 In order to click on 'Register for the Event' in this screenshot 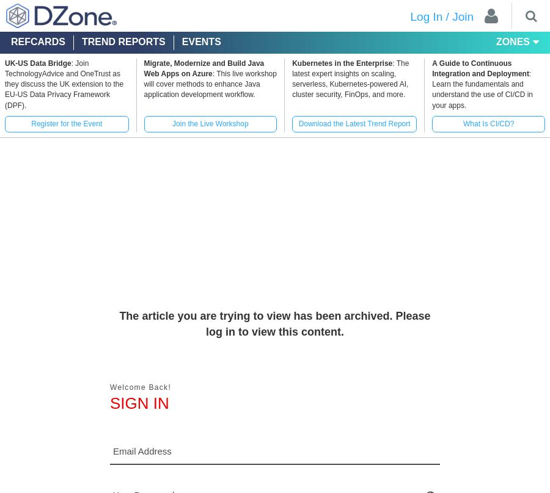, I will do `click(65, 123)`.